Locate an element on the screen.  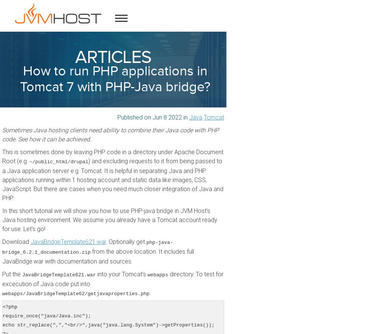
'php-java-bridge_6.2.1_documentation.zip' is located at coordinates (87, 247).